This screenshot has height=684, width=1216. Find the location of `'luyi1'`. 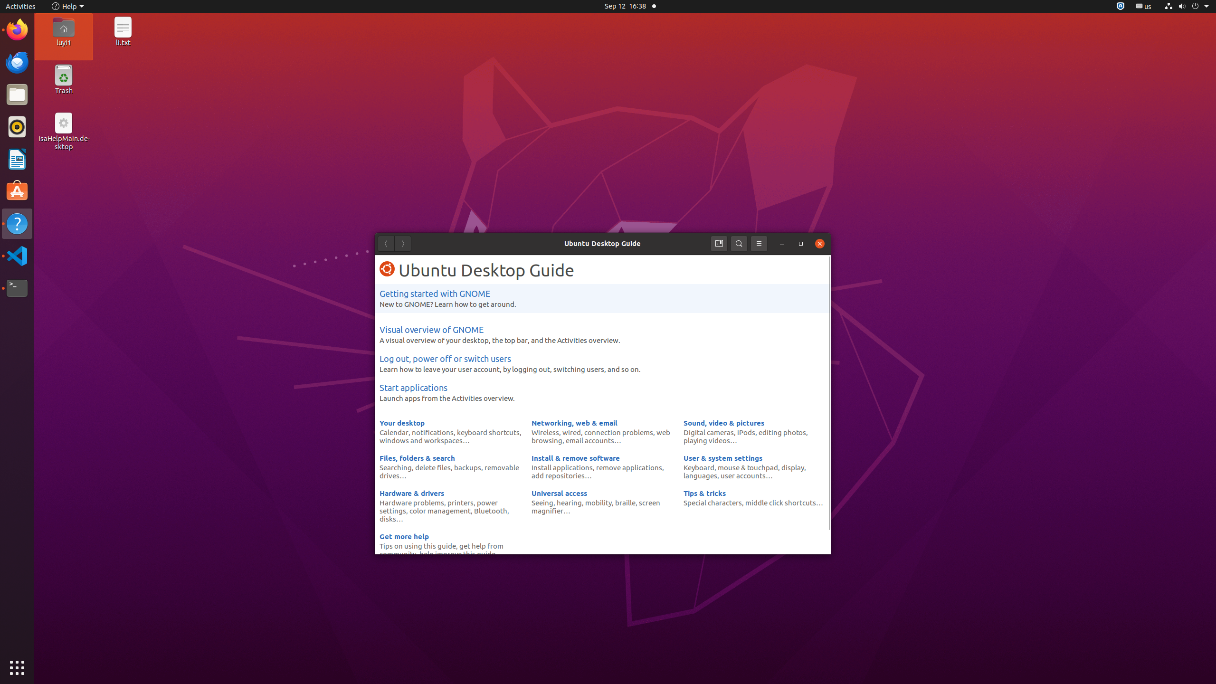

'luyi1' is located at coordinates (63, 42).